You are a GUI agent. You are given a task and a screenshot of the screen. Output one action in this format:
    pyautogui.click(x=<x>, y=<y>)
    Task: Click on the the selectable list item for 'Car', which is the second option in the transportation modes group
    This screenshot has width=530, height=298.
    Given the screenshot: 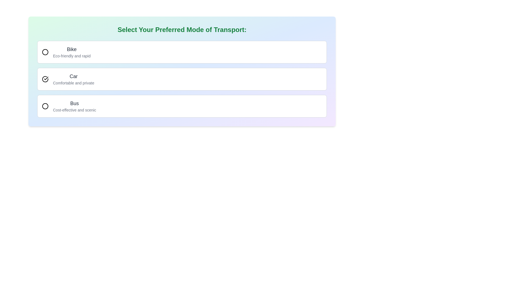 What is the action you would take?
    pyautogui.click(x=182, y=79)
    